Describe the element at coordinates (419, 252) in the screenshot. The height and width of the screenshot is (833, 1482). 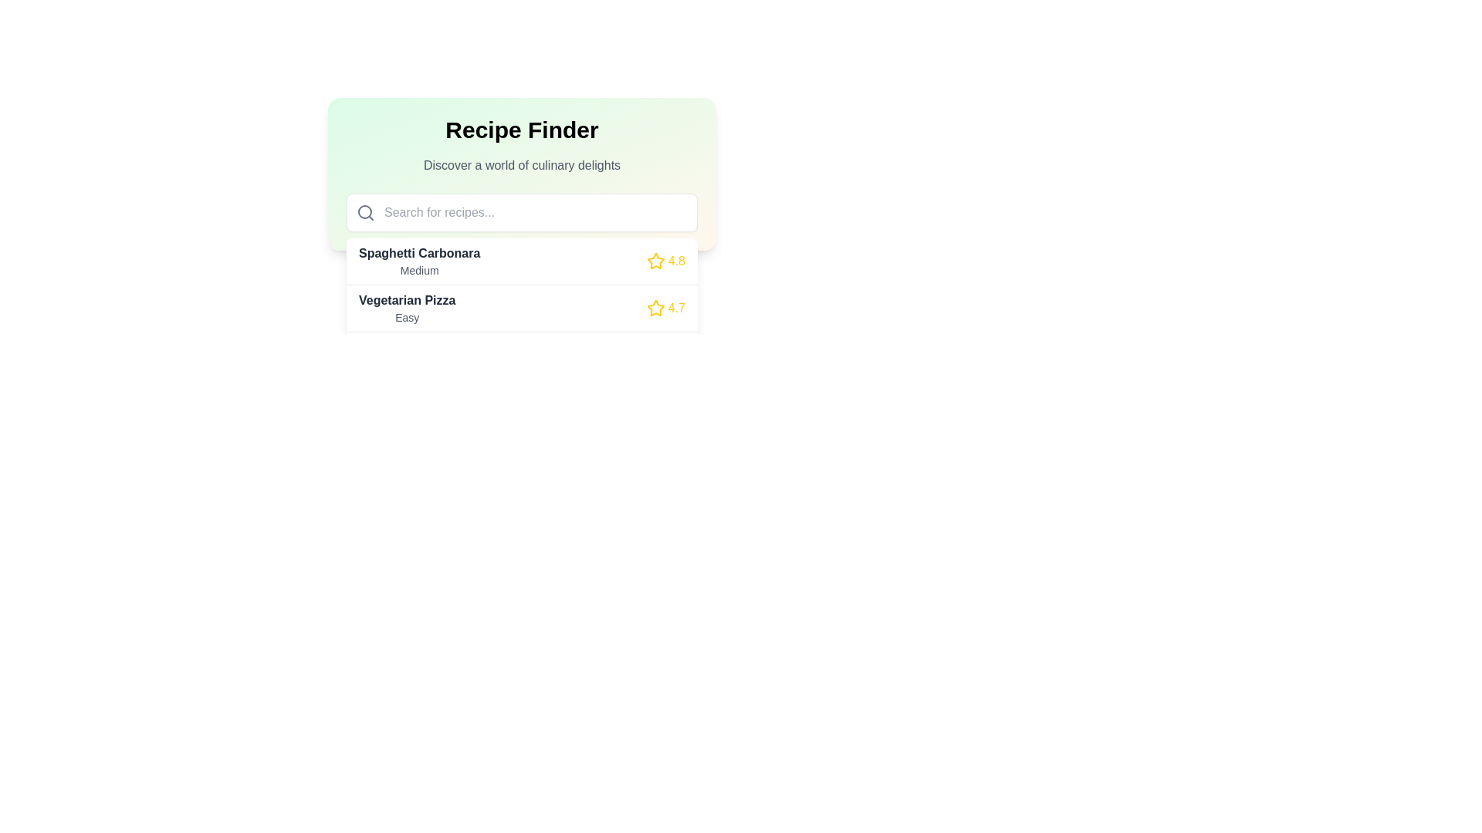
I see `the non-interactive label displaying the recipe name 'Spaghetti Carbonara', located at the upper part of the dish list` at that location.